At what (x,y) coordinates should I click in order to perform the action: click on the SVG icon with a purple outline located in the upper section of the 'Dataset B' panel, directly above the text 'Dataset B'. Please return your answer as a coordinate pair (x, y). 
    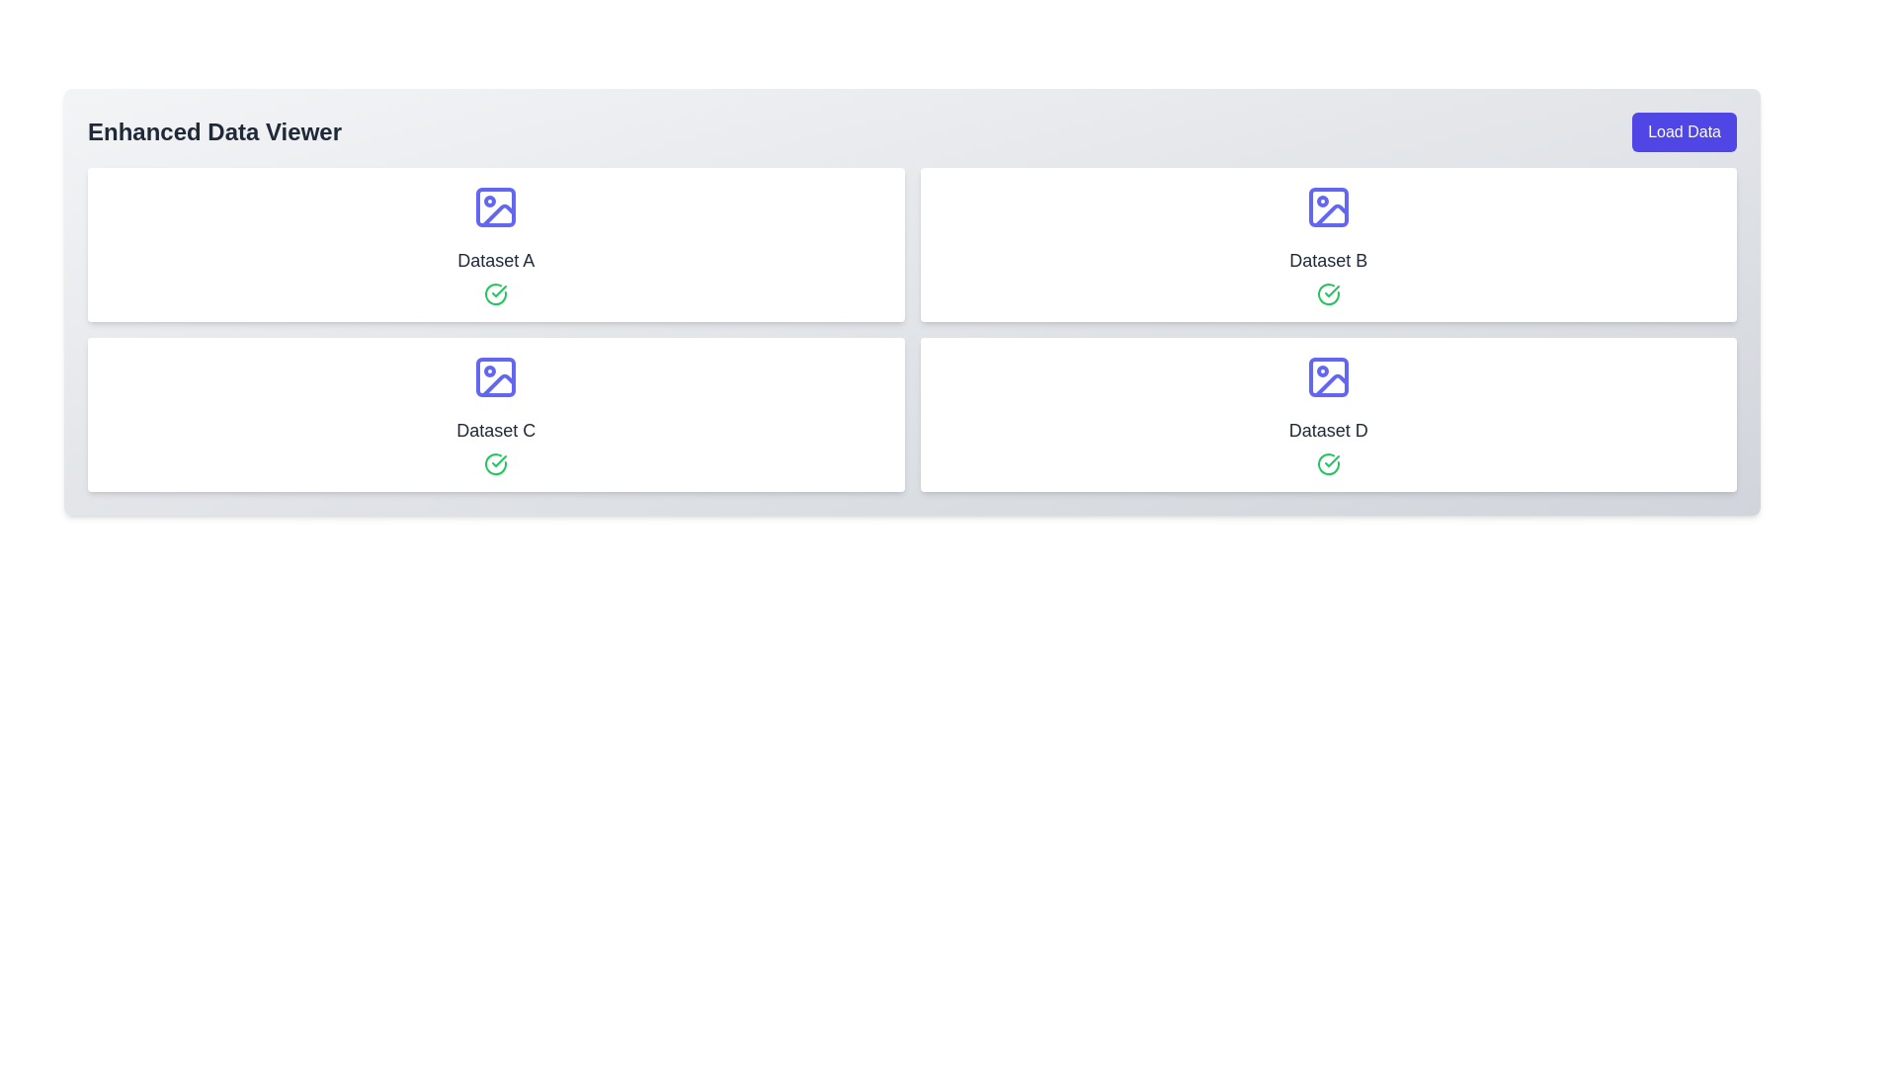
    Looking at the image, I should click on (1328, 206).